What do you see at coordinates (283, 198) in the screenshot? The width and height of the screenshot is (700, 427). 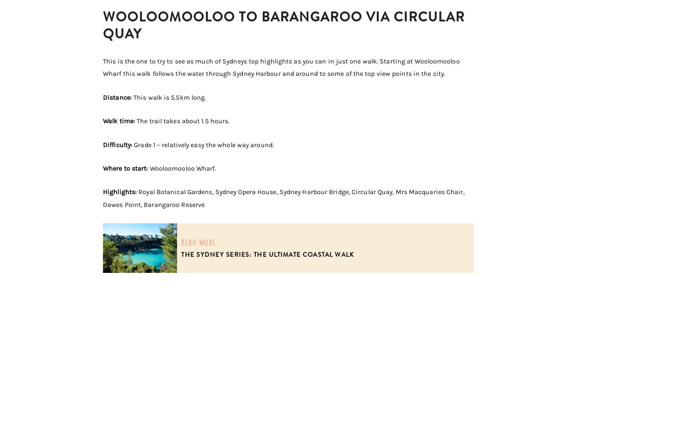 I see `'Royal Botanical Gardens, Sydney Opera House, Sydney Harbour Bridge, Circular Quay, Mrs Macquaries Chair, Dawes Point, Barangaroo Reserve'` at bounding box center [283, 198].